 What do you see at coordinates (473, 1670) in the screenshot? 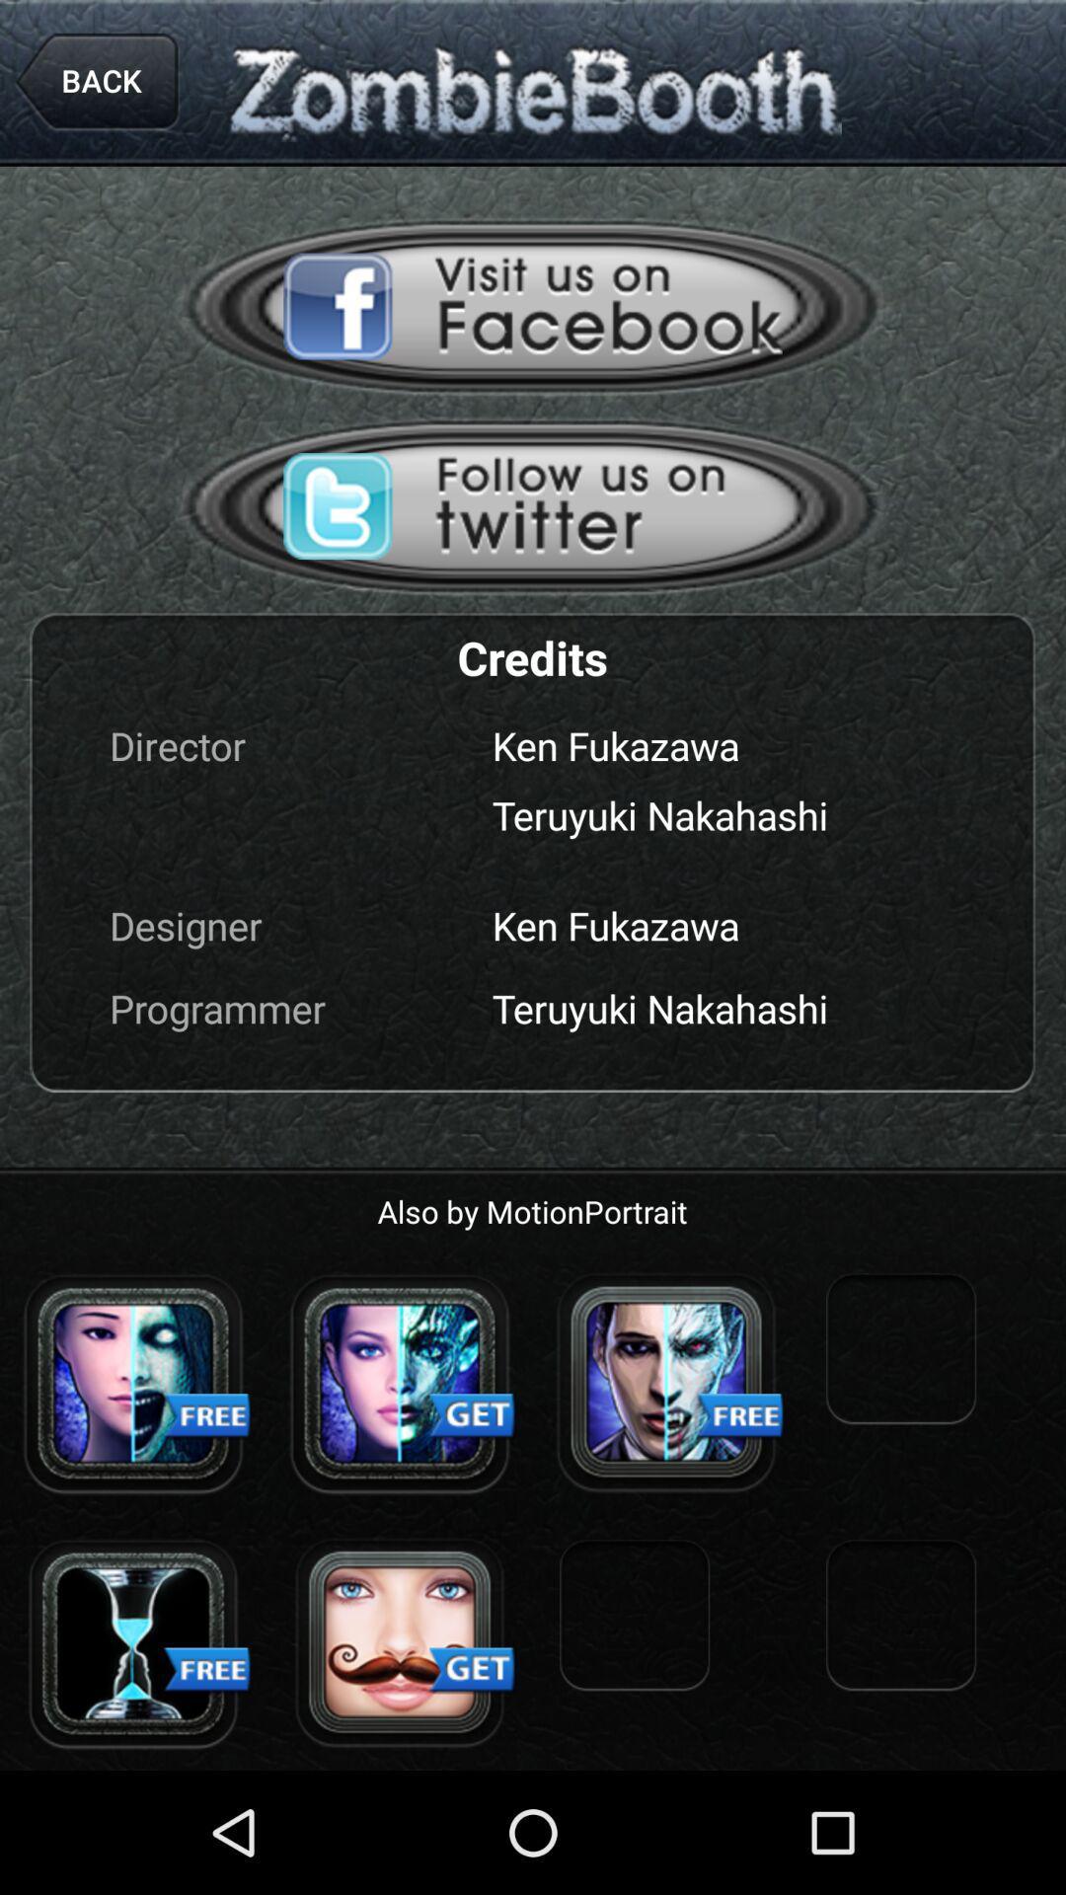
I see `the second text get which is on the bottom of the page` at bounding box center [473, 1670].